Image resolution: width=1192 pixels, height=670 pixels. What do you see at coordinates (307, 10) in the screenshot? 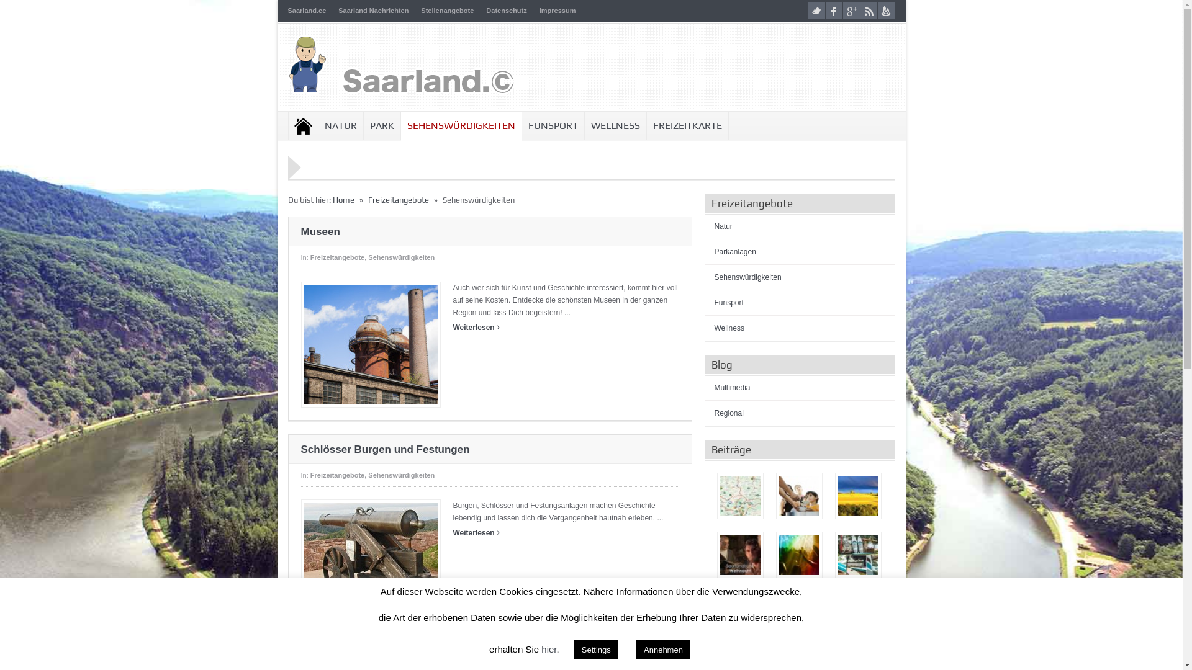
I see `'Saarland.cc'` at bounding box center [307, 10].